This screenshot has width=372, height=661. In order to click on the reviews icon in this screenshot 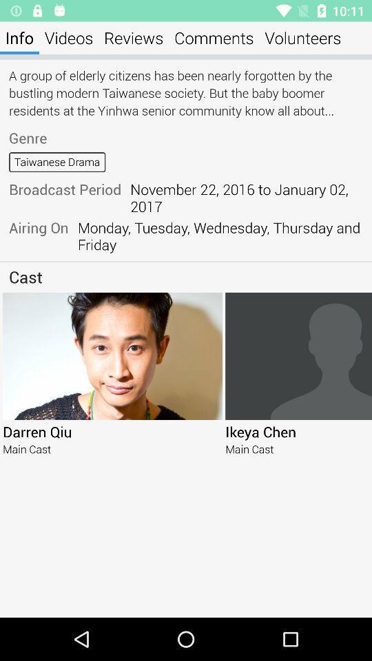, I will do `click(134, 37)`.